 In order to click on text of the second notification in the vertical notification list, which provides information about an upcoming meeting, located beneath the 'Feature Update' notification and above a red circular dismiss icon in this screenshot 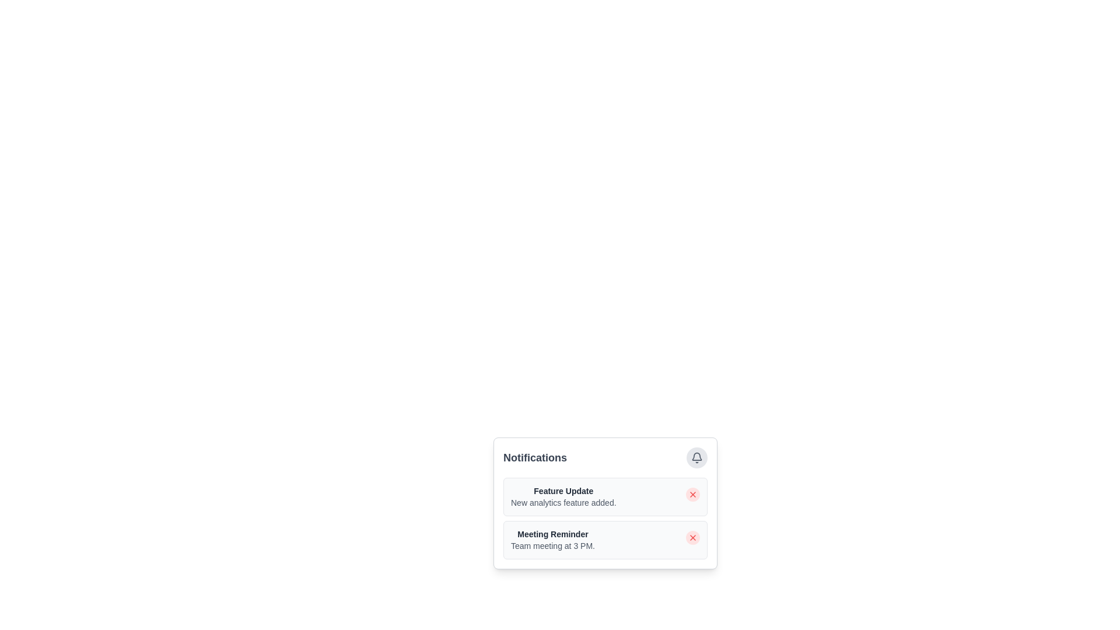, I will do `click(552, 540)`.